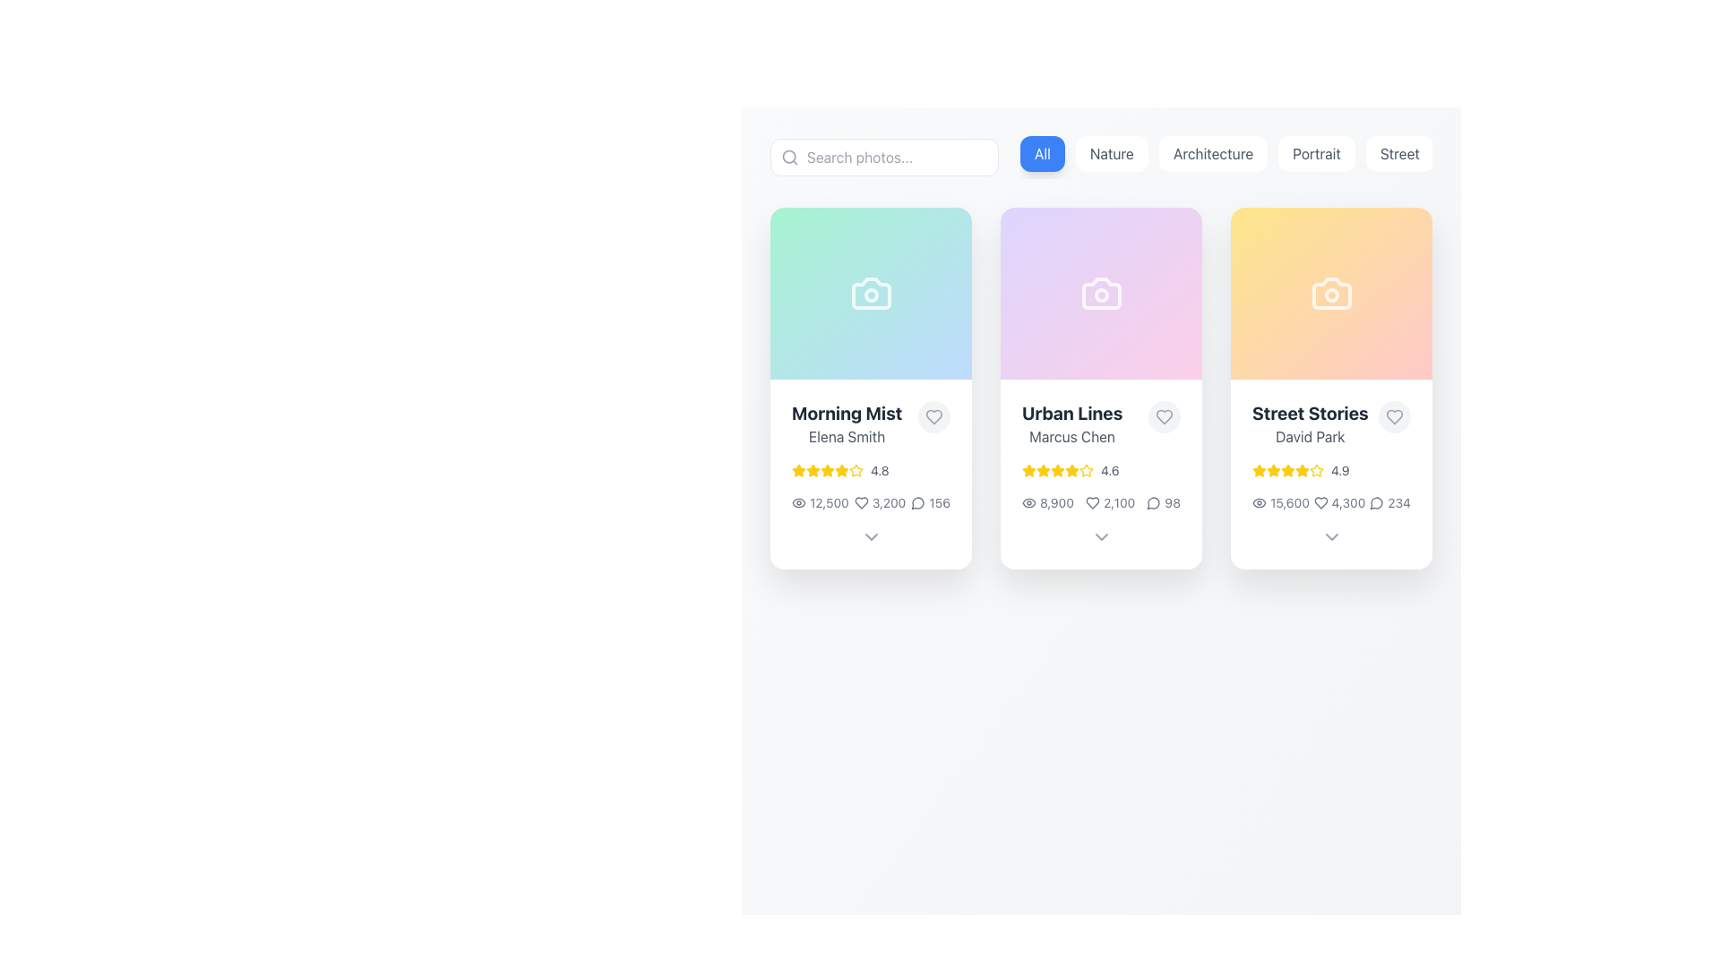 Image resolution: width=1720 pixels, height=967 pixels. Describe the element at coordinates (1320, 503) in the screenshot. I see `the favorite icon located at the top-right corner of the 'Street Stories, David Park' card` at that location.